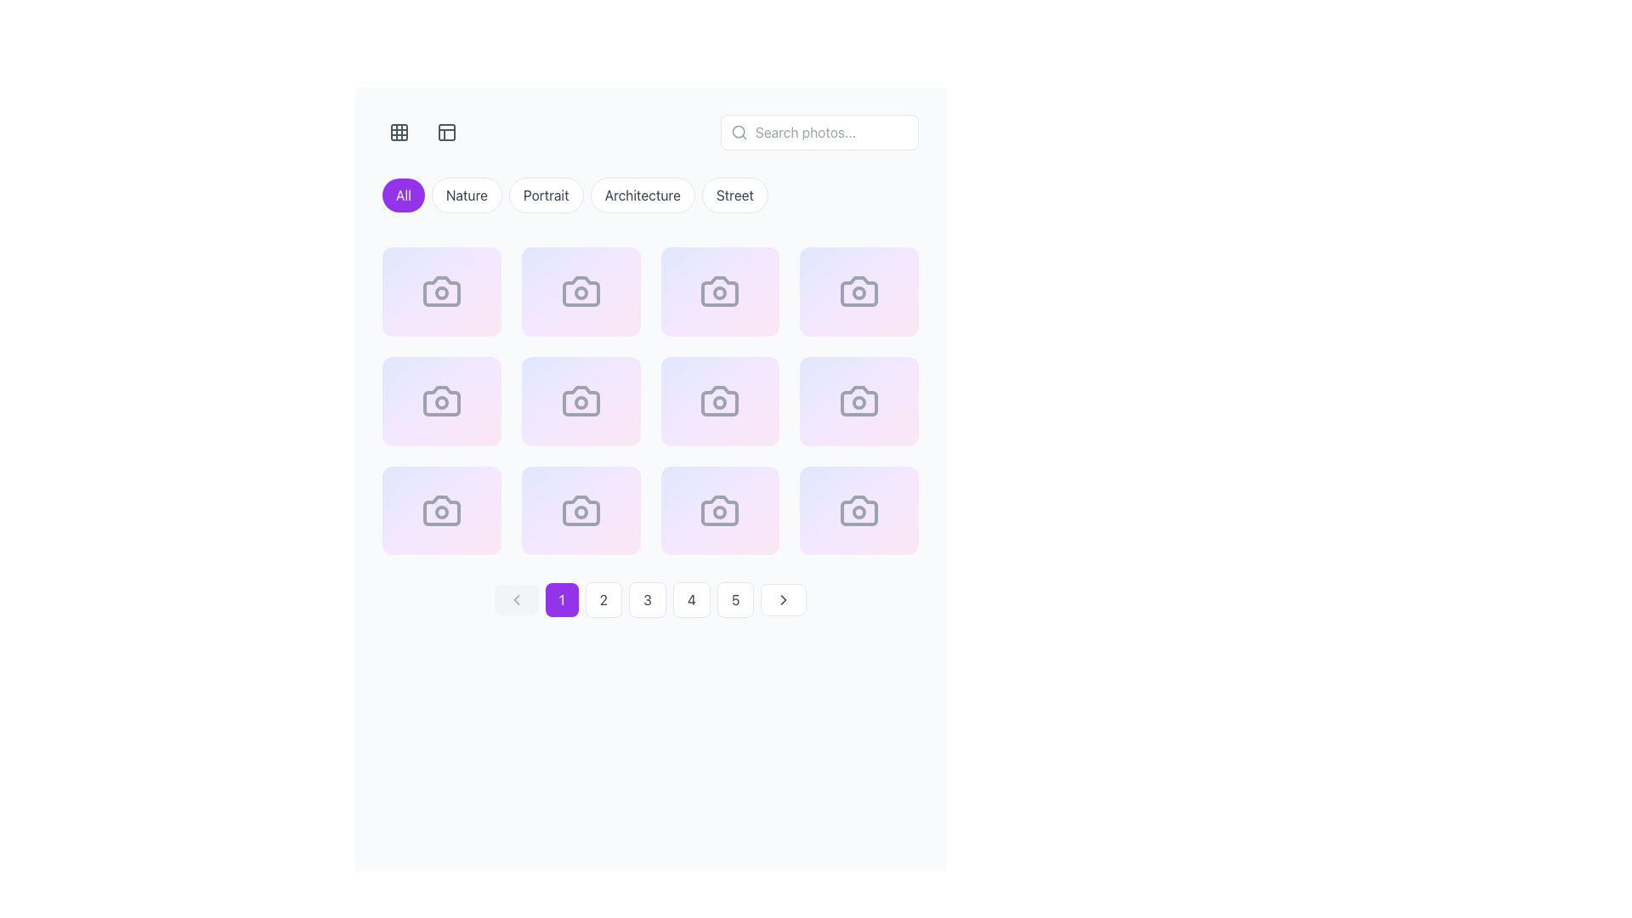  What do you see at coordinates (646, 599) in the screenshot?
I see `the pagination button labeled '3', located between buttons '2' and '4', to observe hover effects` at bounding box center [646, 599].